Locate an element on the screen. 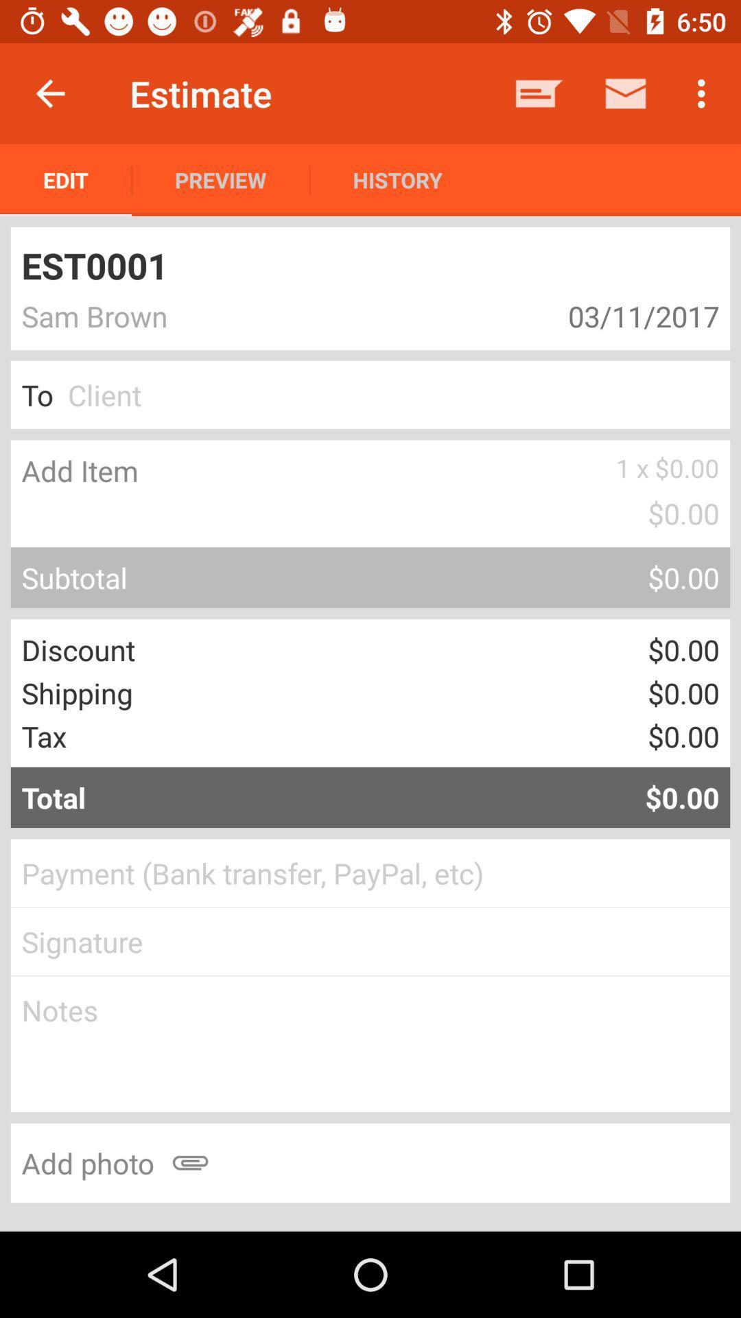  item below the estimate is located at coordinates (220, 179).